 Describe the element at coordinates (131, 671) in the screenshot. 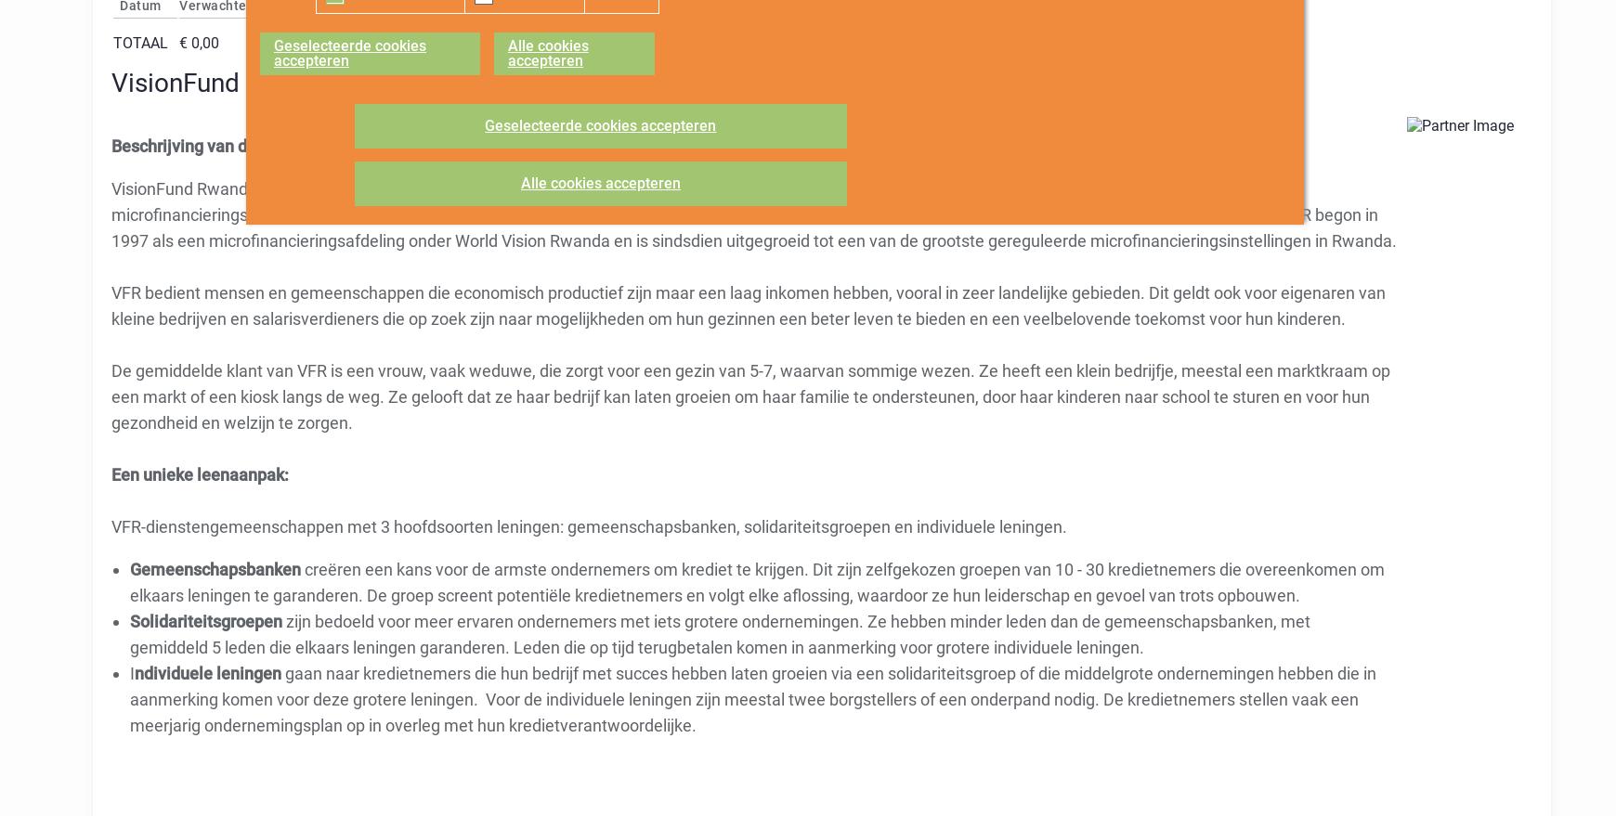

I see `'I'` at that location.